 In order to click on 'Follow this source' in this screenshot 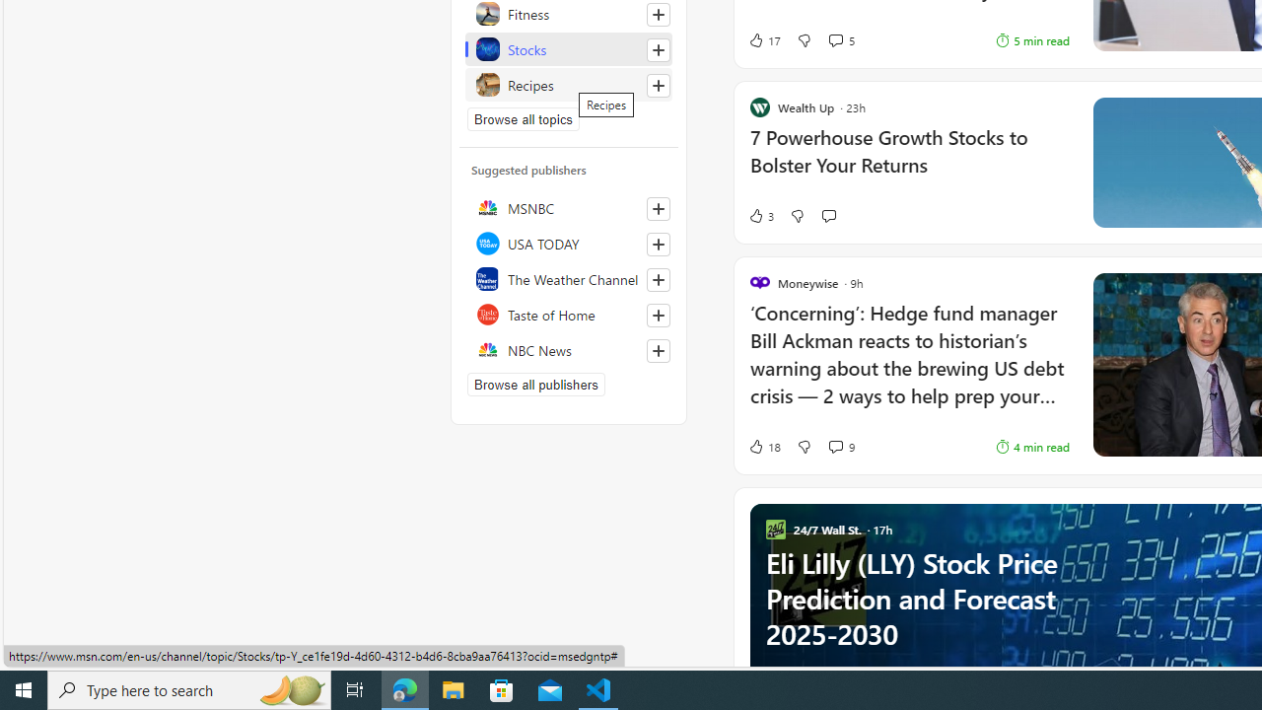, I will do `click(658, 350)`.